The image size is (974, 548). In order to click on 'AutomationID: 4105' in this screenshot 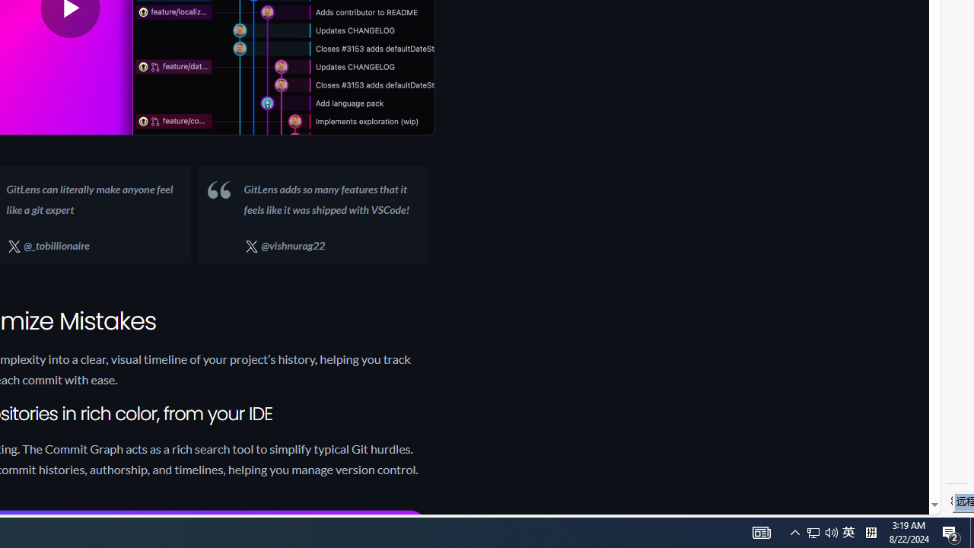, I will do `click(794, 531)`.